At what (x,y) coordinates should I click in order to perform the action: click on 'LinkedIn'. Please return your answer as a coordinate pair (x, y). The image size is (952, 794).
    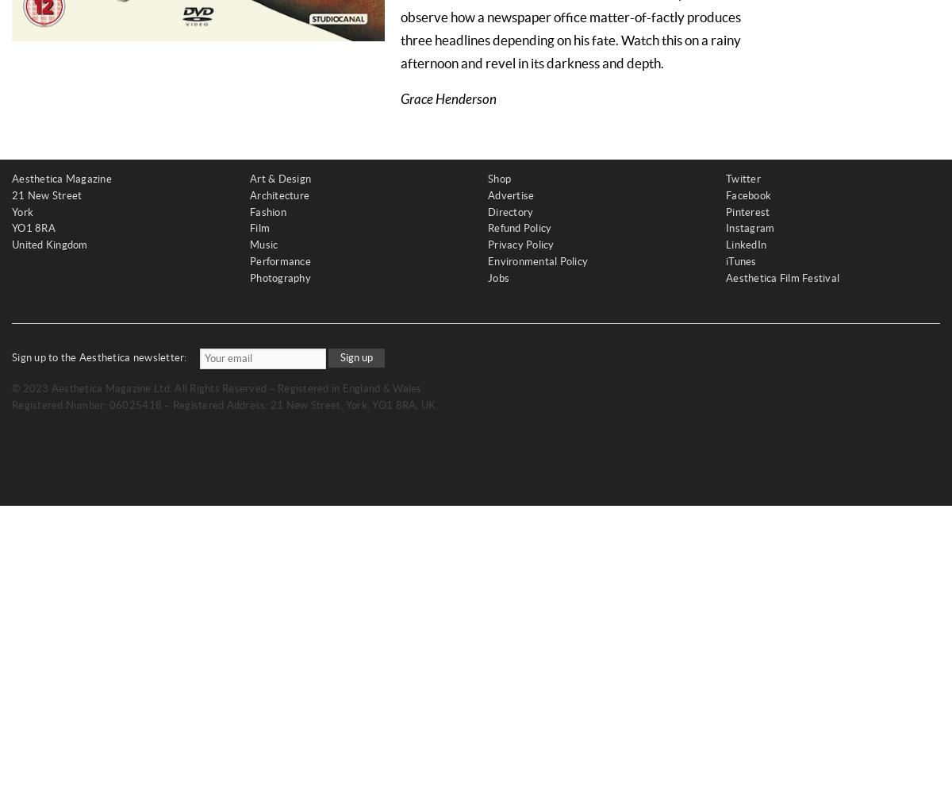
    Looking at the image, I should click on (726, 245).